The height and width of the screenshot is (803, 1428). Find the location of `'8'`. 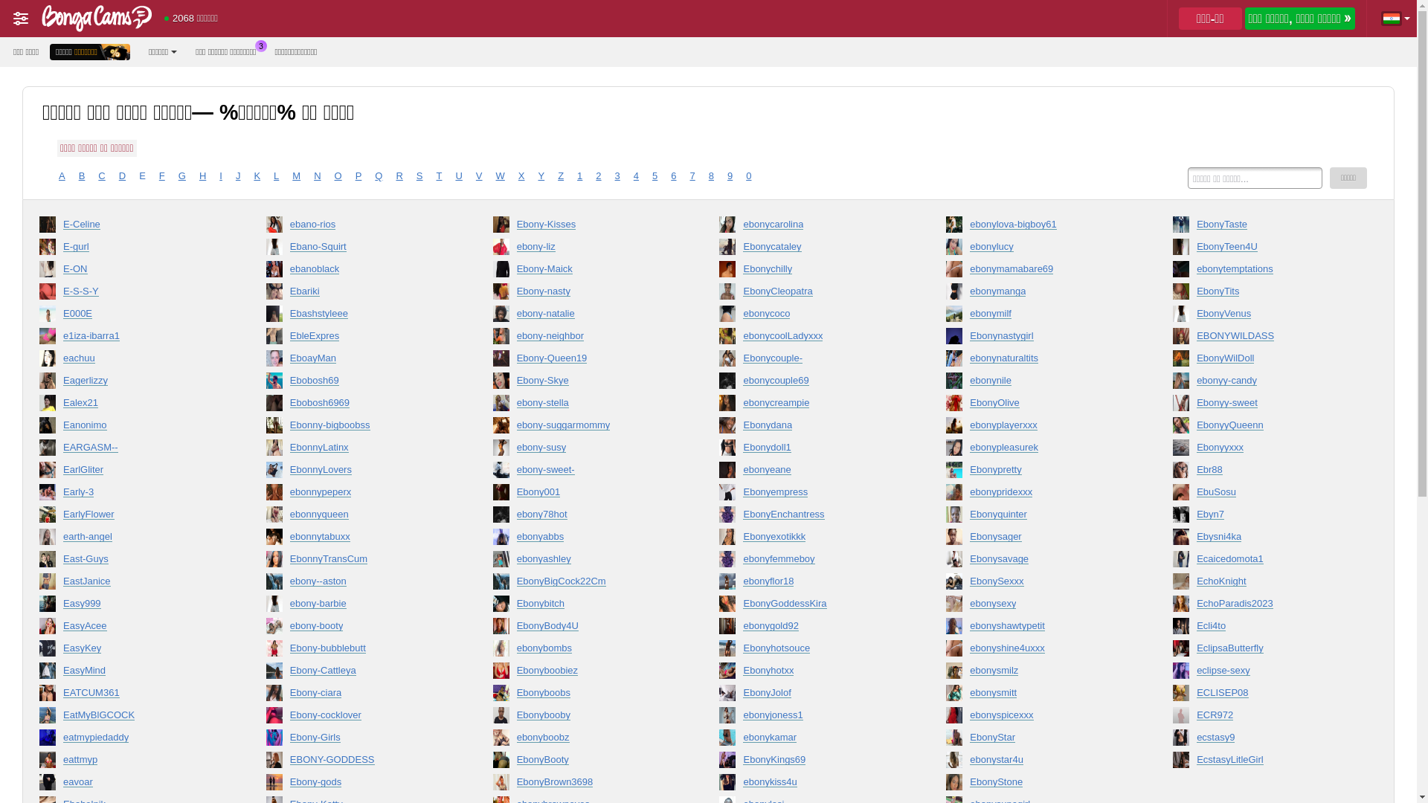

'8' is located at coordinates (710, 175).